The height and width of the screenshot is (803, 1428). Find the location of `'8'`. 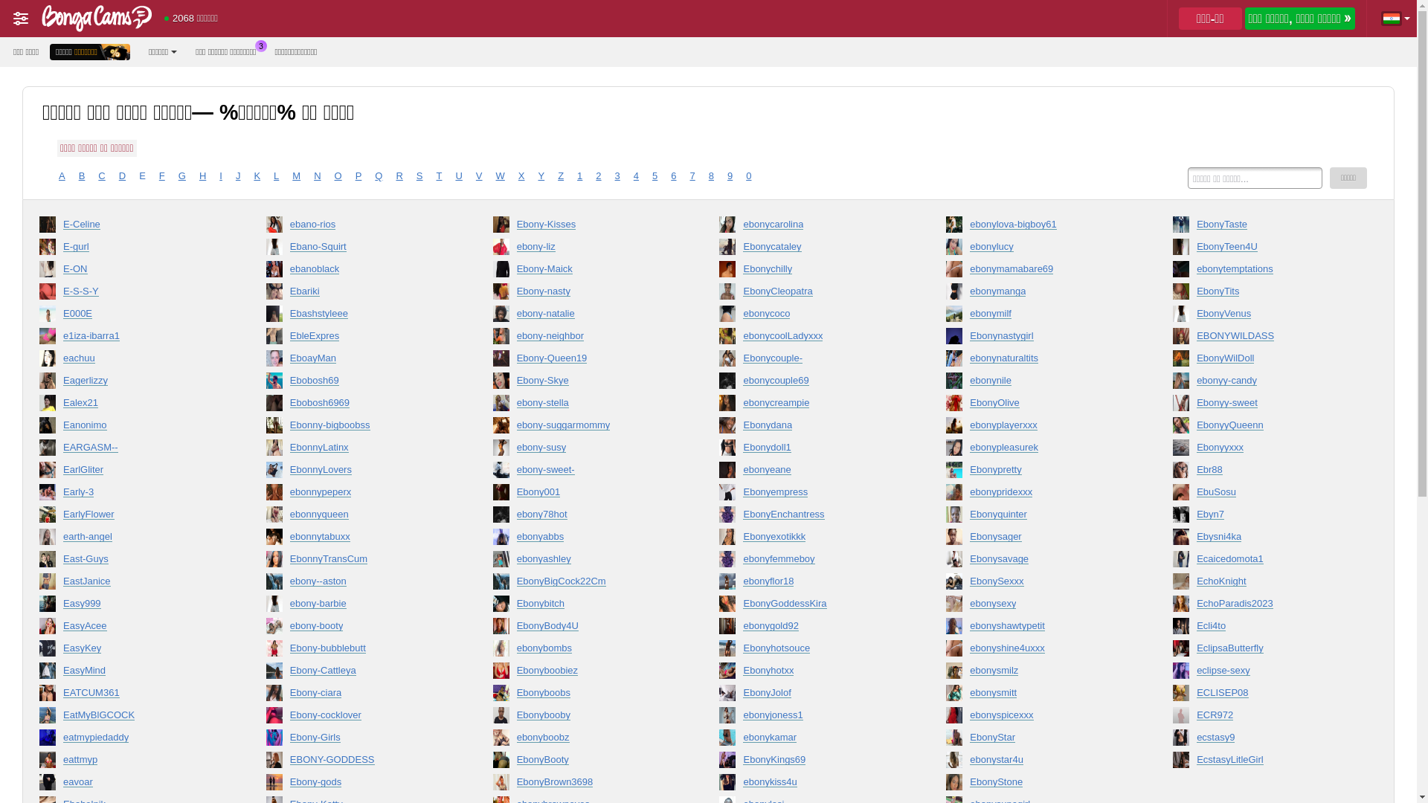

'8' is located at coordinates (710, 175).